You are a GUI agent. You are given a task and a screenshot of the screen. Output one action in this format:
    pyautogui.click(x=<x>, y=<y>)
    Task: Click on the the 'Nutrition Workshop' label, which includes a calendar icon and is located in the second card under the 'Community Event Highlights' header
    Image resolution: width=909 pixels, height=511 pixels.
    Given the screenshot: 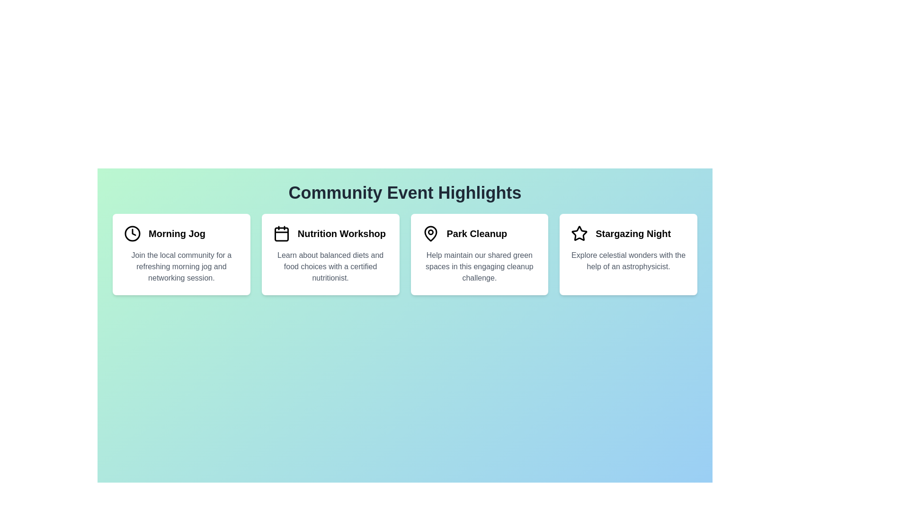 What is the action you would take?
    pyautogui.click(x=330, y=233)
    